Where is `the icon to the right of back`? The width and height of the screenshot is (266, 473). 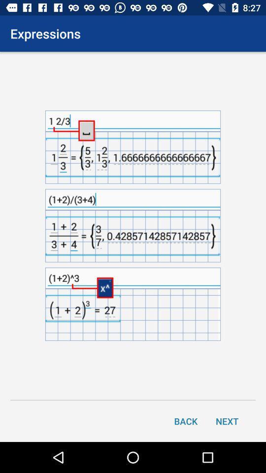 the icon to the right of back is located at coordinates (227, 420).